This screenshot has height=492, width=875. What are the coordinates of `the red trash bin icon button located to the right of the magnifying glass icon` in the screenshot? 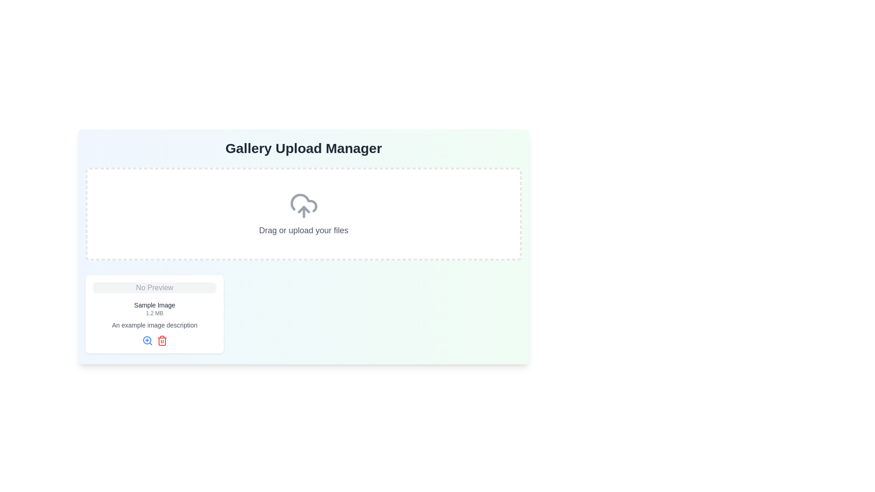 It's located at (162, 341).